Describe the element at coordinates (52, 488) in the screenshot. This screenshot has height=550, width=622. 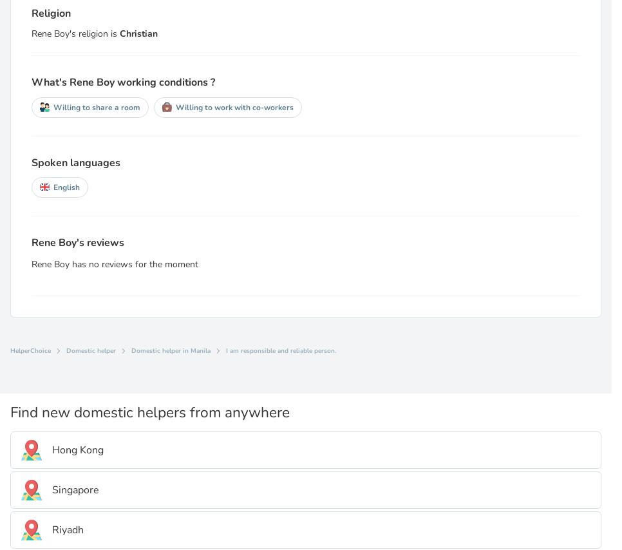
I see `'Singapore'` at that location.